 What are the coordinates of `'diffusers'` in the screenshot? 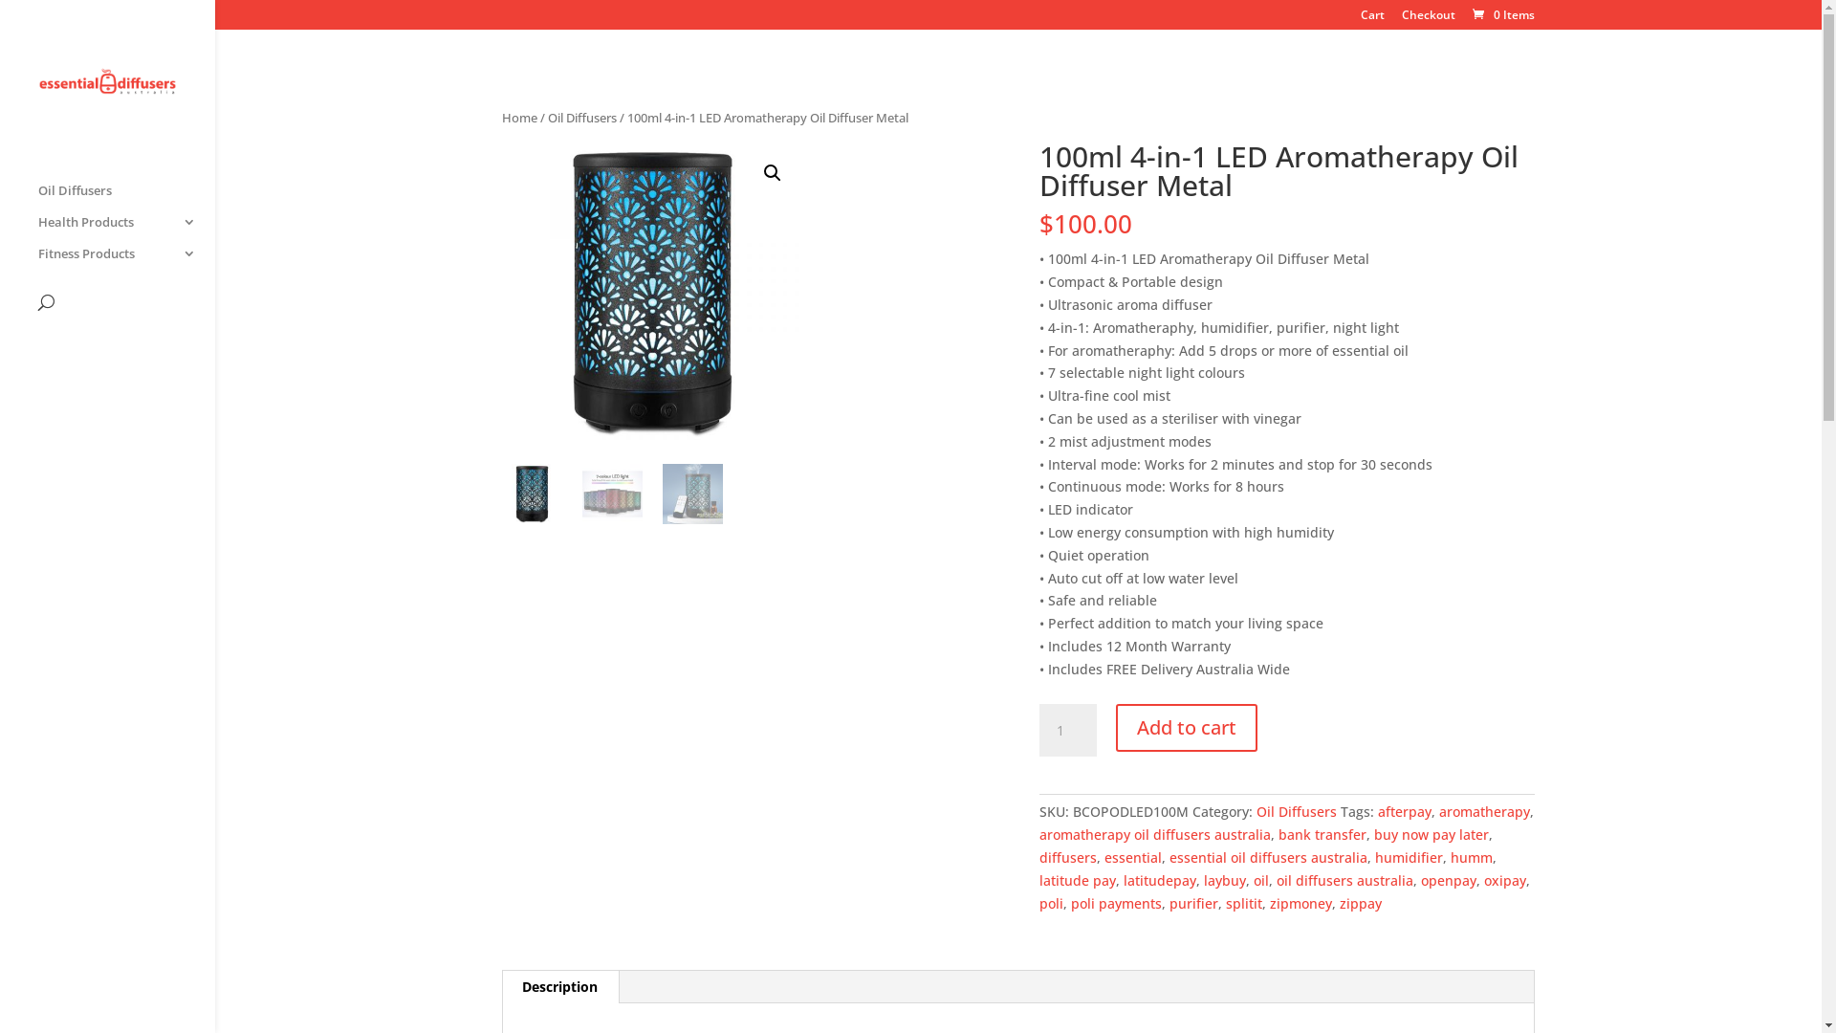 It's located at (1067, 856).